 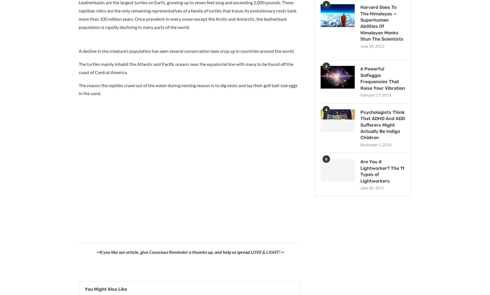 What do you see at coordinates (326, 109) in the screenshot?
I see `'4'` at bounding box center [326, 109].